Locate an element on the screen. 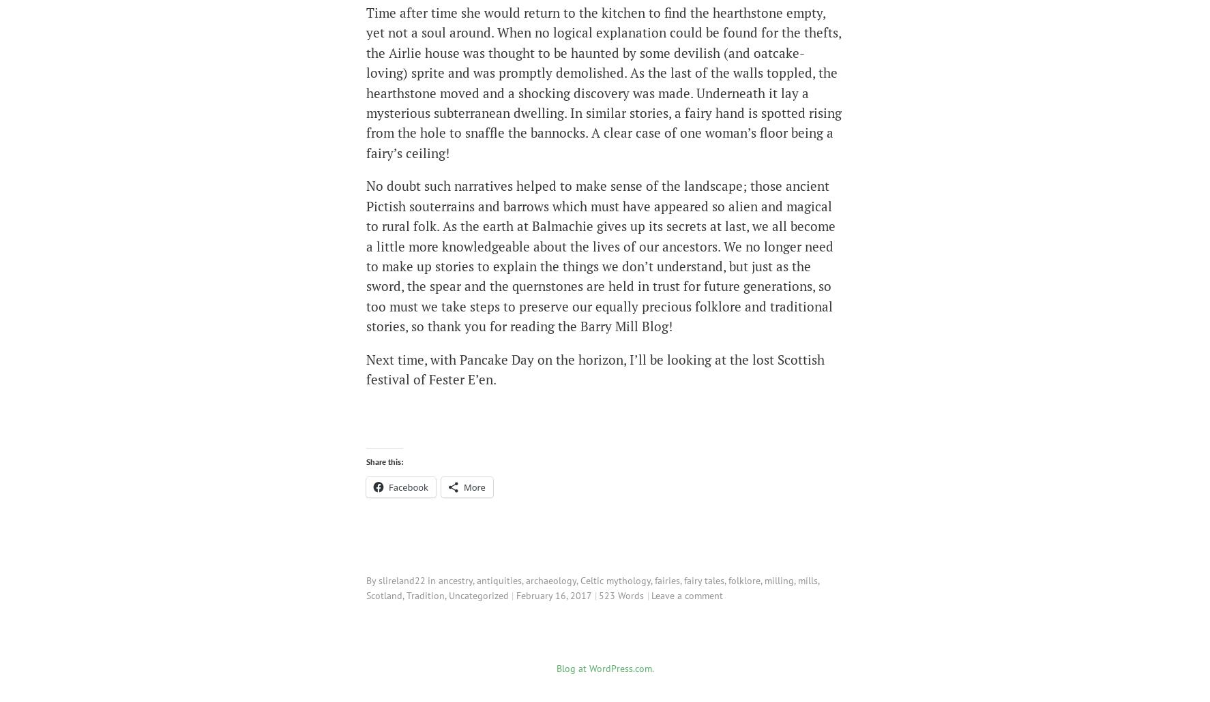 The height and width of the screenshot is (702, 1210). 'in' is located at coordinates (427, 579).